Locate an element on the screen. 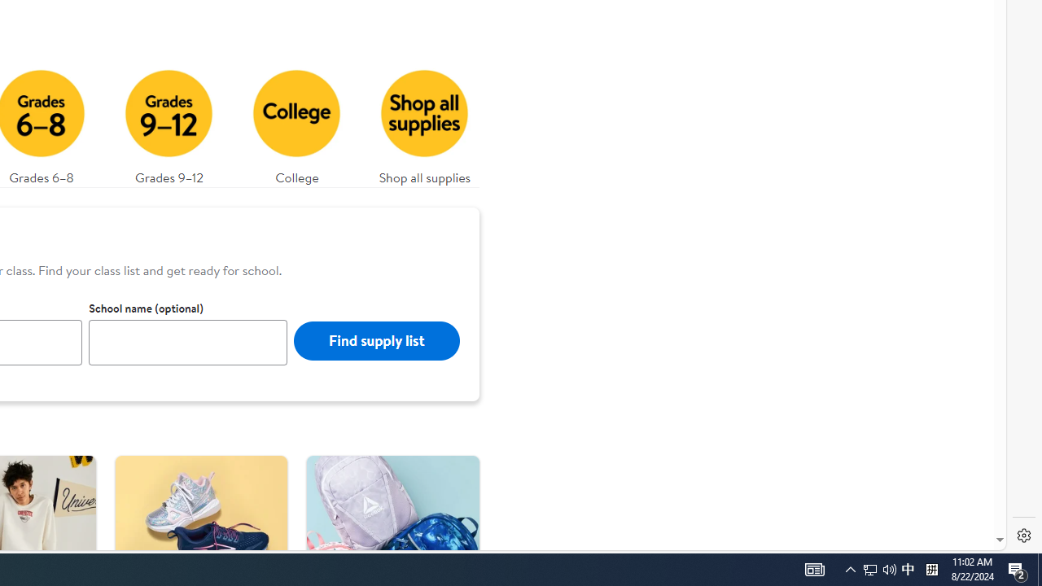 The width and height of the screenshot is (1042, 586). 'College' is located at coordinates (297, 122).